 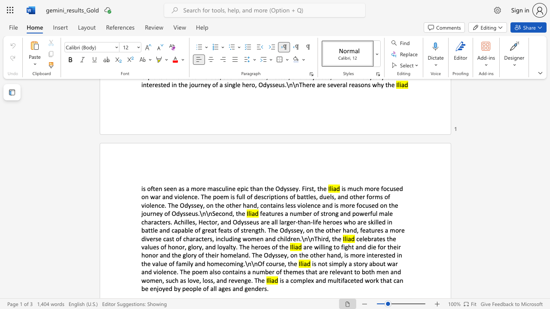 What do you see at coordinates (331, 263) in the screenshot?
I see `the subset text "imply a story about war and violence. The poem also contains a n" within the text "is not simply a story about war and violence. The poem also contains a number of themes that are relevant to both men and women, such as love, loss, and revenge. The"` at bounding box center [331, 263].